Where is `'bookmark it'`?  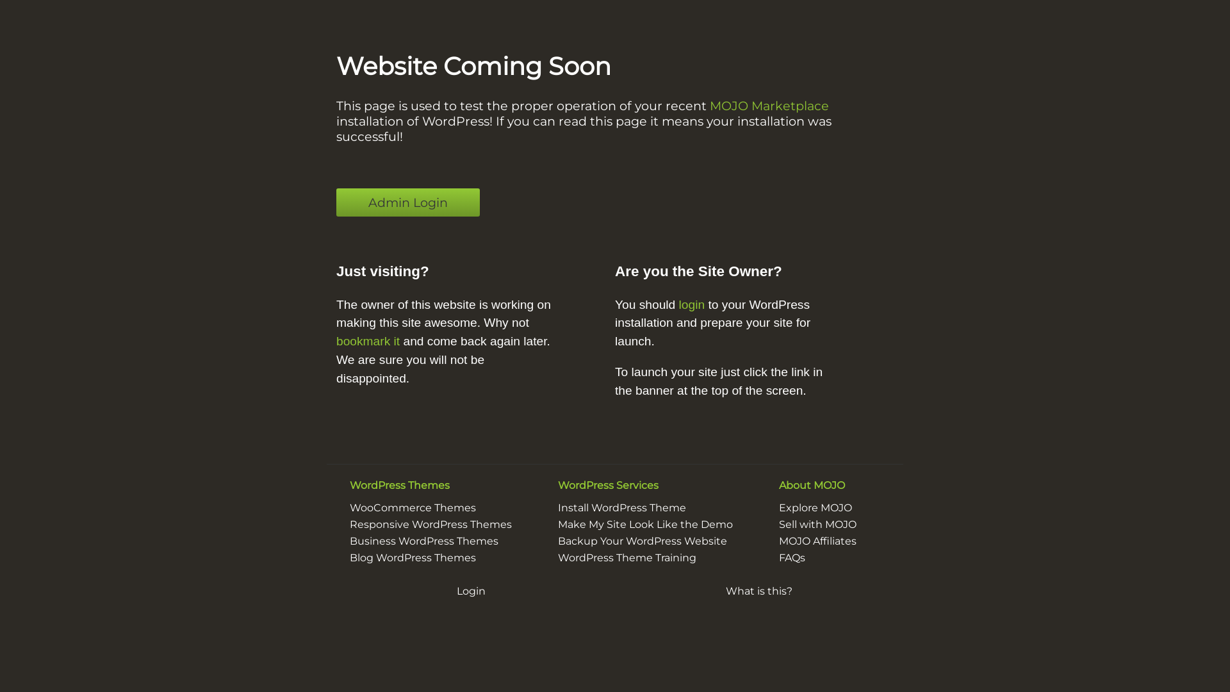
'bookmark it' is located at coordinates (367, 340).